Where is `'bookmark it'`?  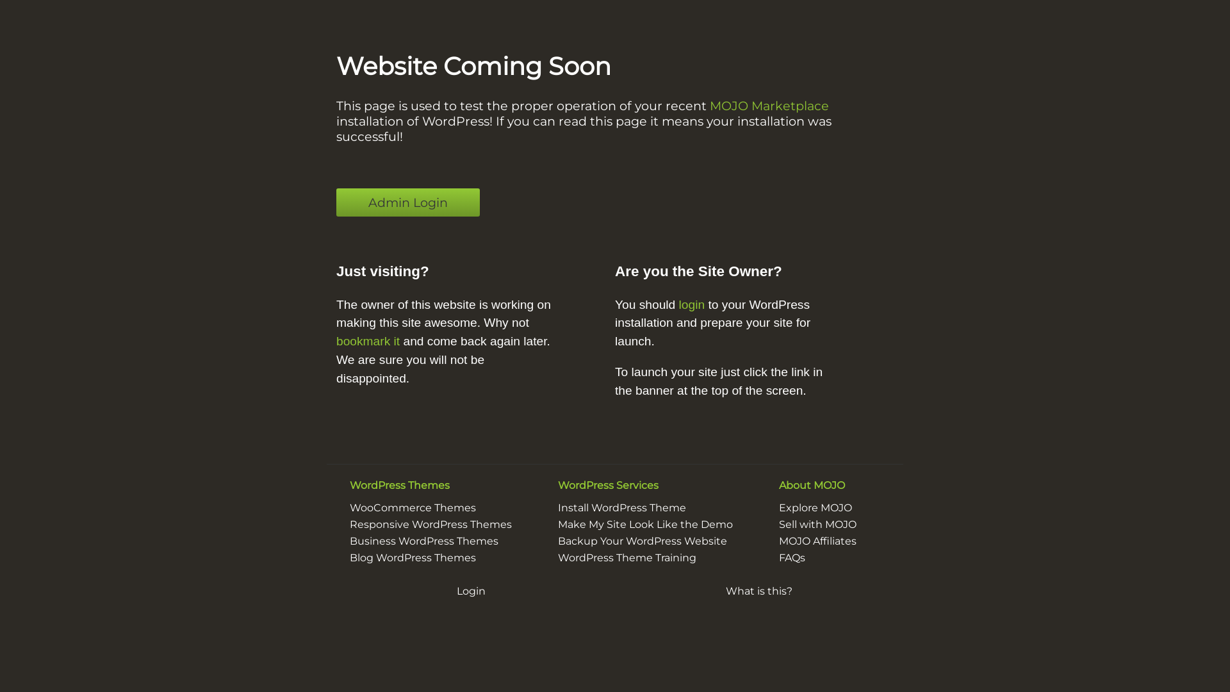
'bookmark it' is located at coordinates (367, 340).